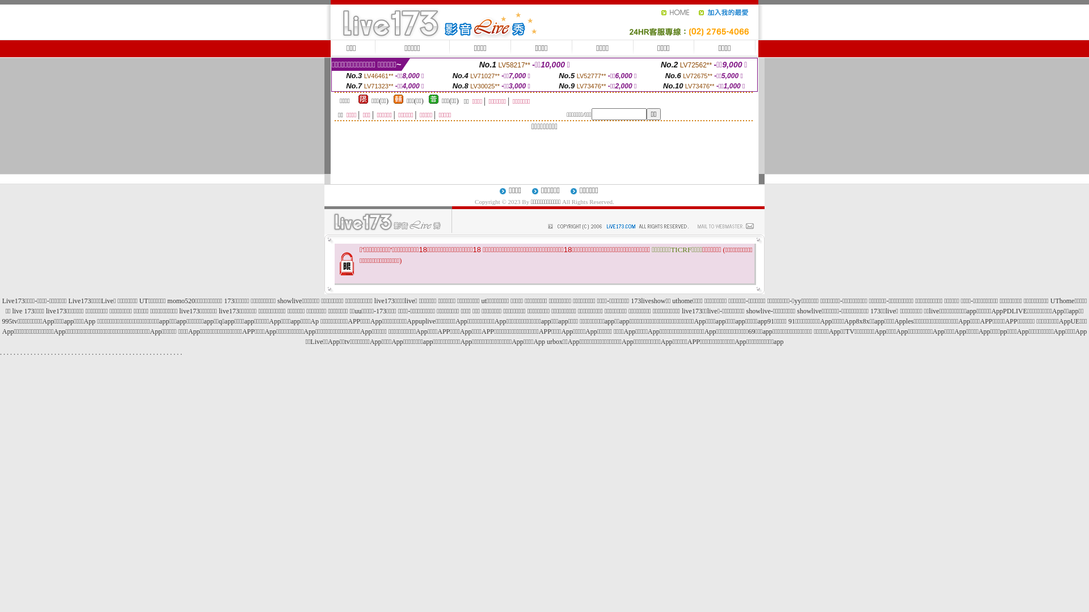  What do you see at coordinates (119, 351) in the screenshot?
I see `'.'` at bounding box center [119, 351].